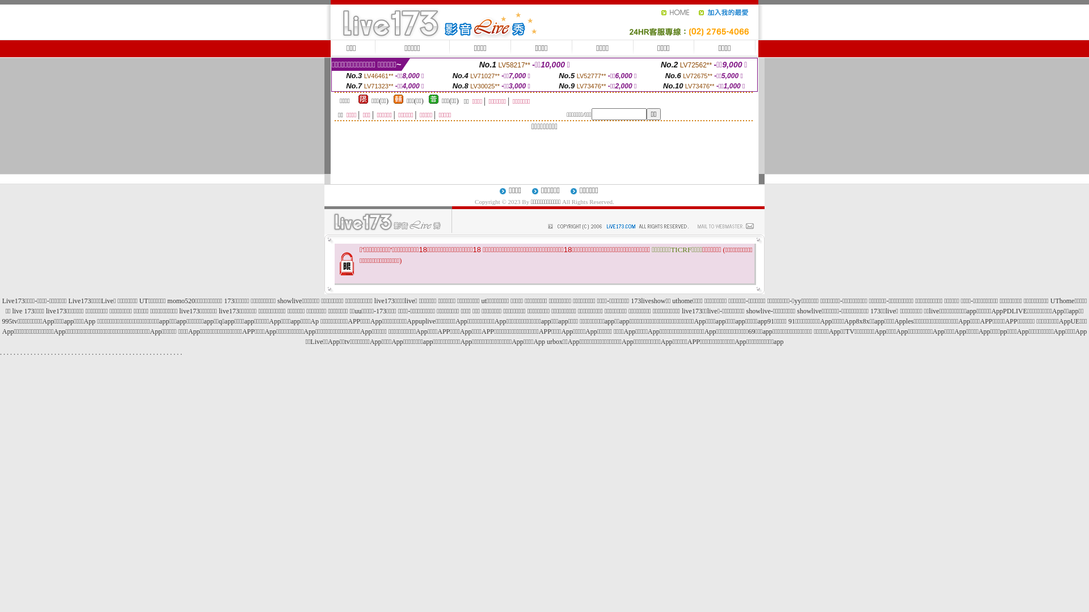  What do you see at coordinates (119, 351) in the screenshot?
I see `'.'` at bounding box center [119, 351].